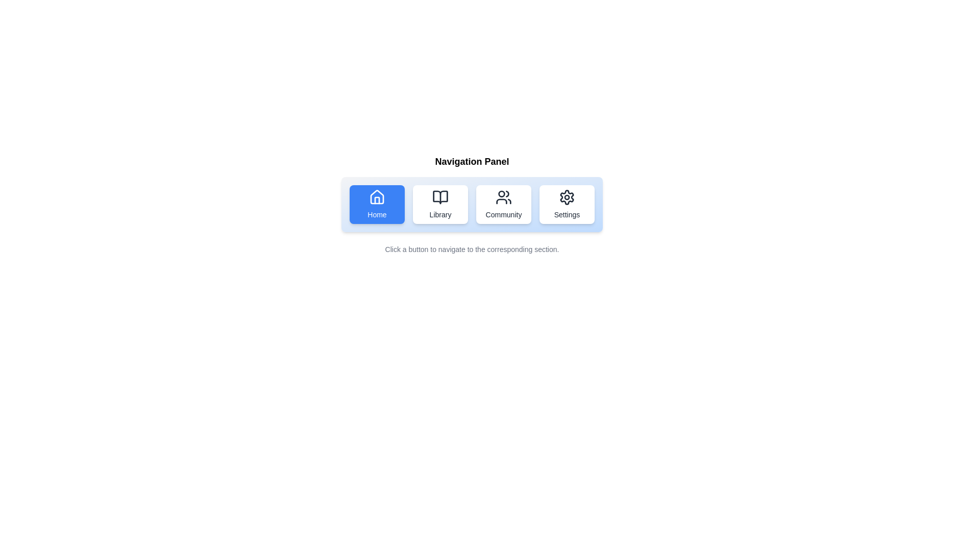 The width and height of the screenshot is (980, 551). I want to click on the house-shaped icon as part of the 'Home' button located at the leftmost position in the navigation panel, so click(377, 196).